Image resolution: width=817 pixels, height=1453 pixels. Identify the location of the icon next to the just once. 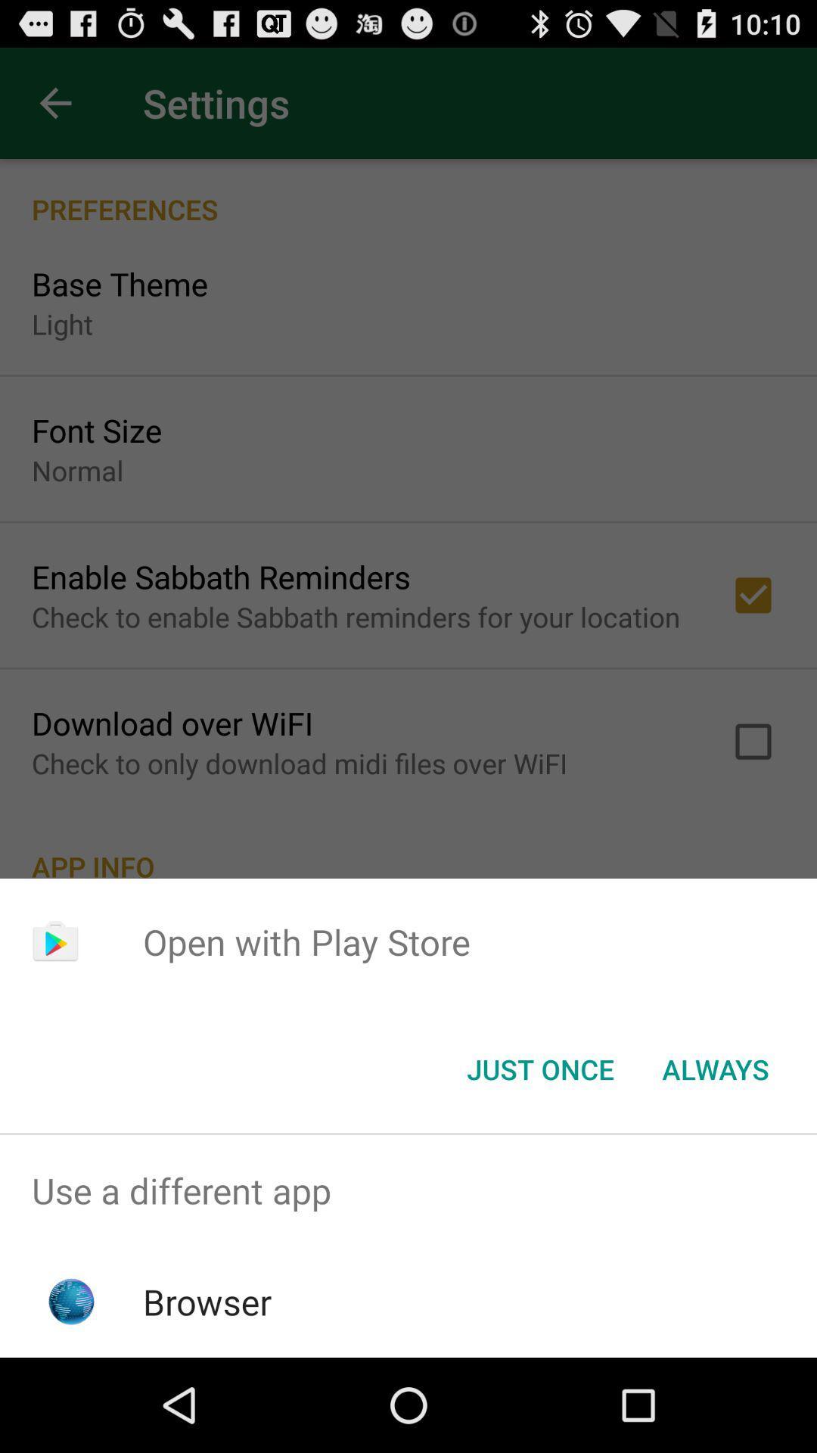
(715, 1068).